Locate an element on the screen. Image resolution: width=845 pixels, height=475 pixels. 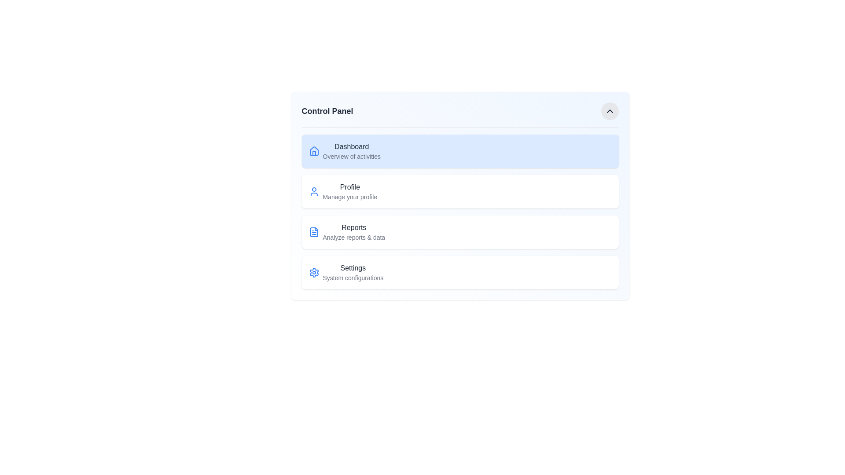
the 'Dashboard' text label is located at coordinates (351, 150).